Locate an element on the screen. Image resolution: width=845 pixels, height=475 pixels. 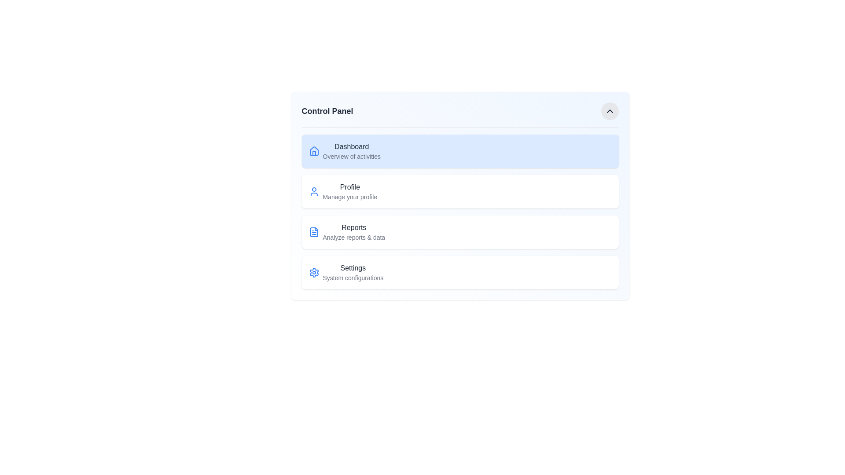
the 'Dashboard' text label is located at coordinates (351, 150).